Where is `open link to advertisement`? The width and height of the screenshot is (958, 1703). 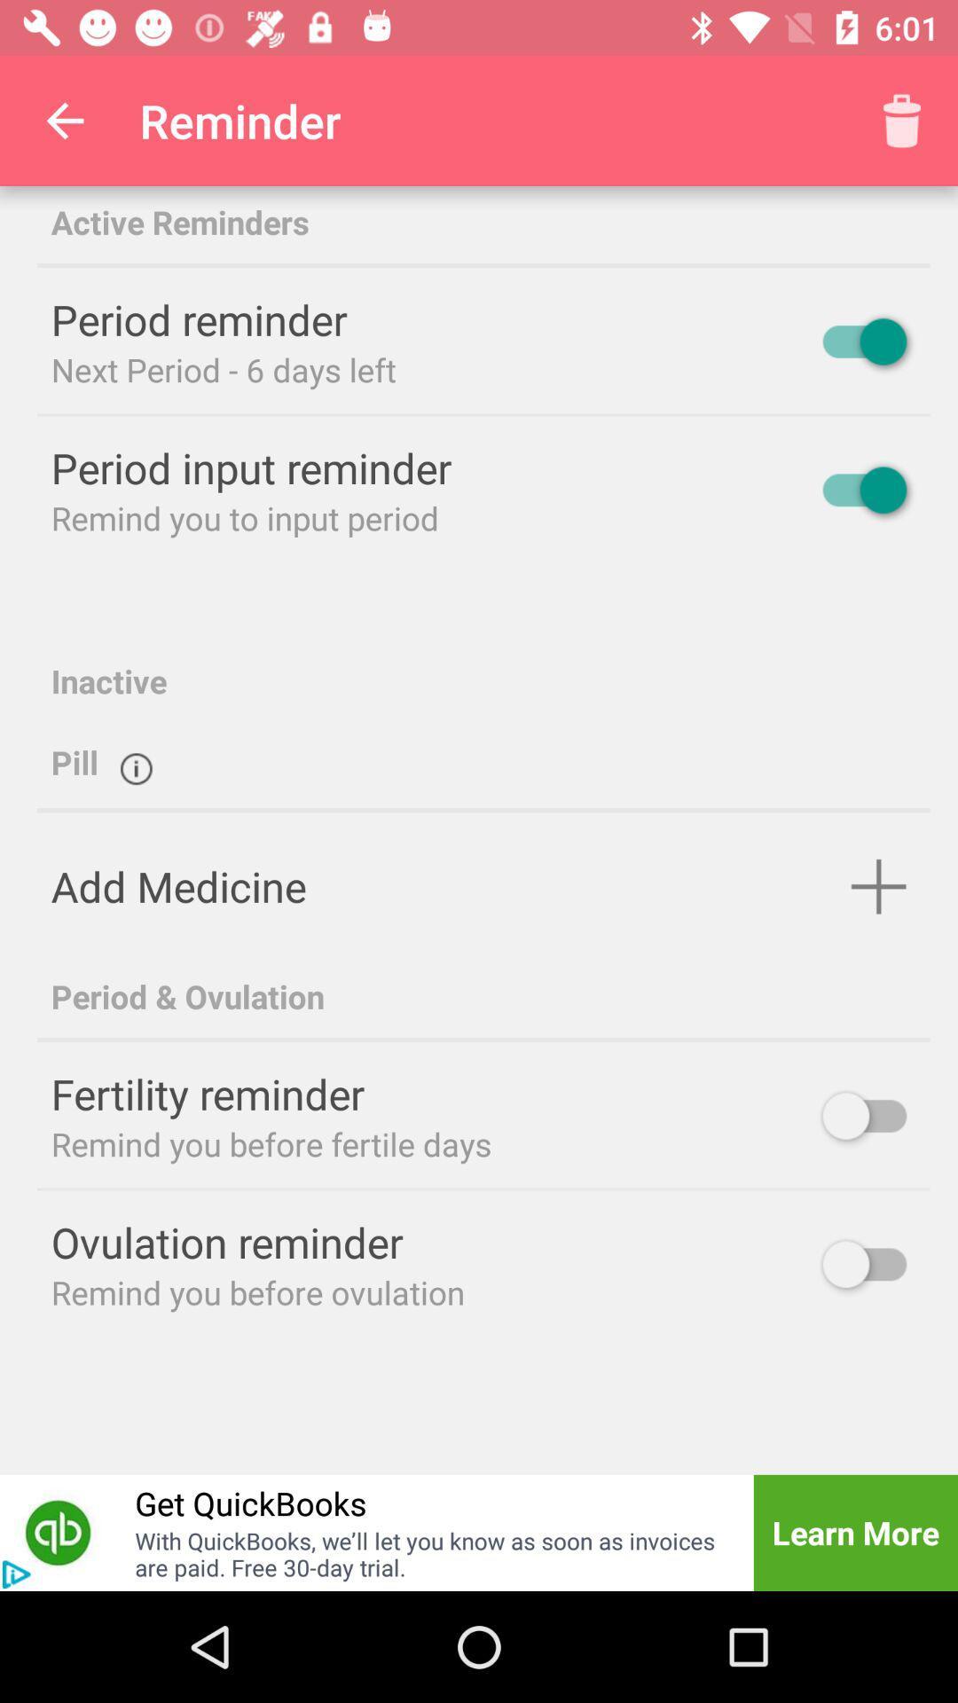
open link to advertisement is located at coordinates (57, 1532).